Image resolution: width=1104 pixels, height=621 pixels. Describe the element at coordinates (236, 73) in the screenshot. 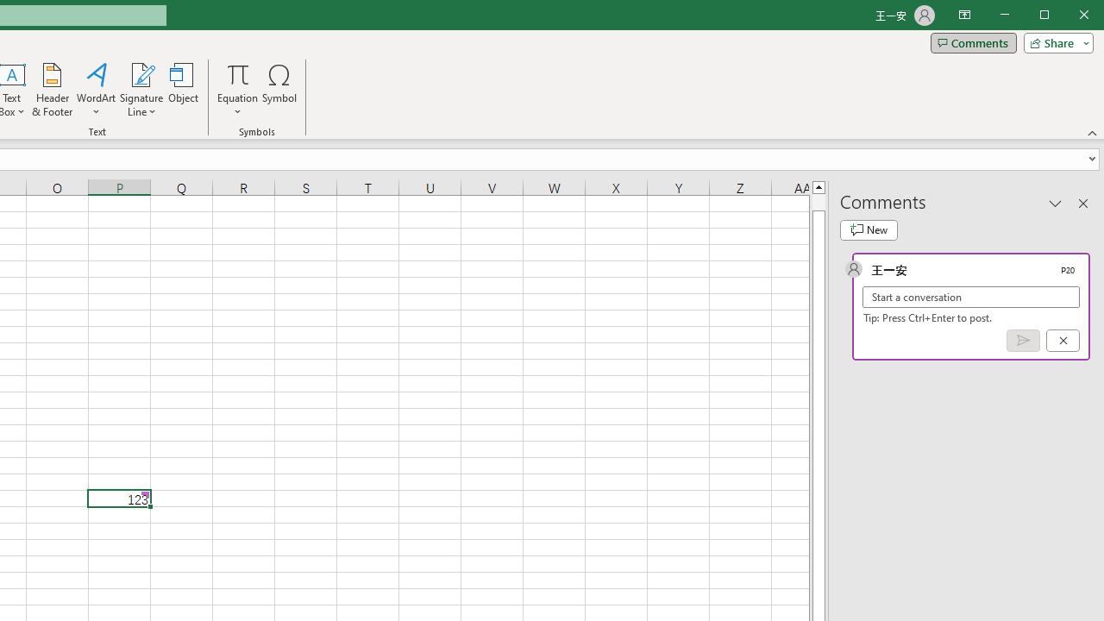

I see `'Equation'` at that location.